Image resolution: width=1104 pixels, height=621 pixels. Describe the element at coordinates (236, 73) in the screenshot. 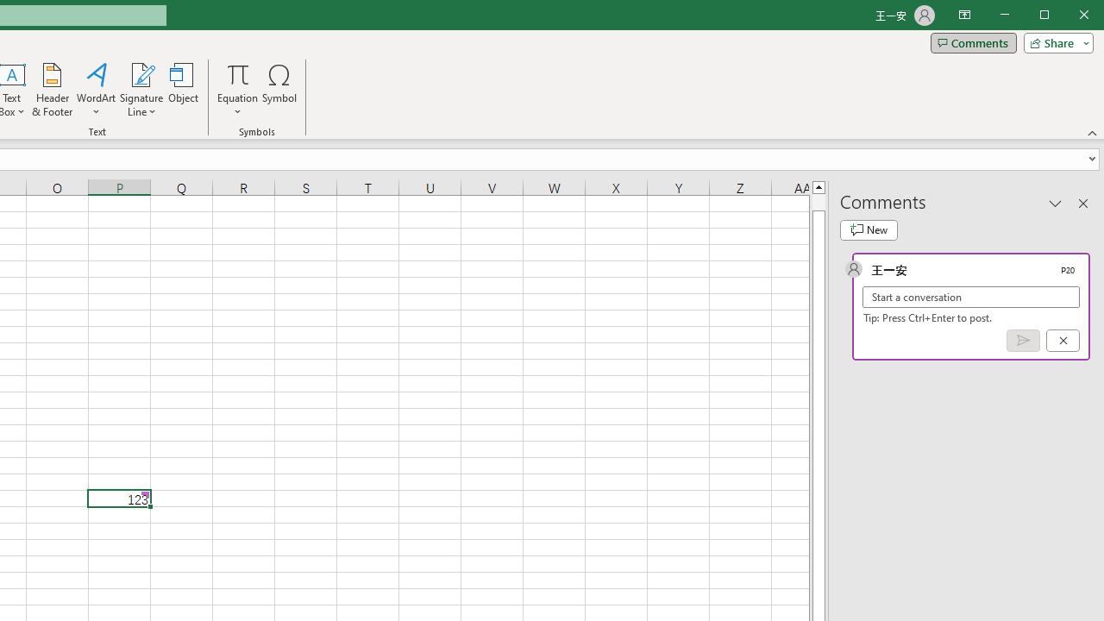

I see `'Equation'` at that location.